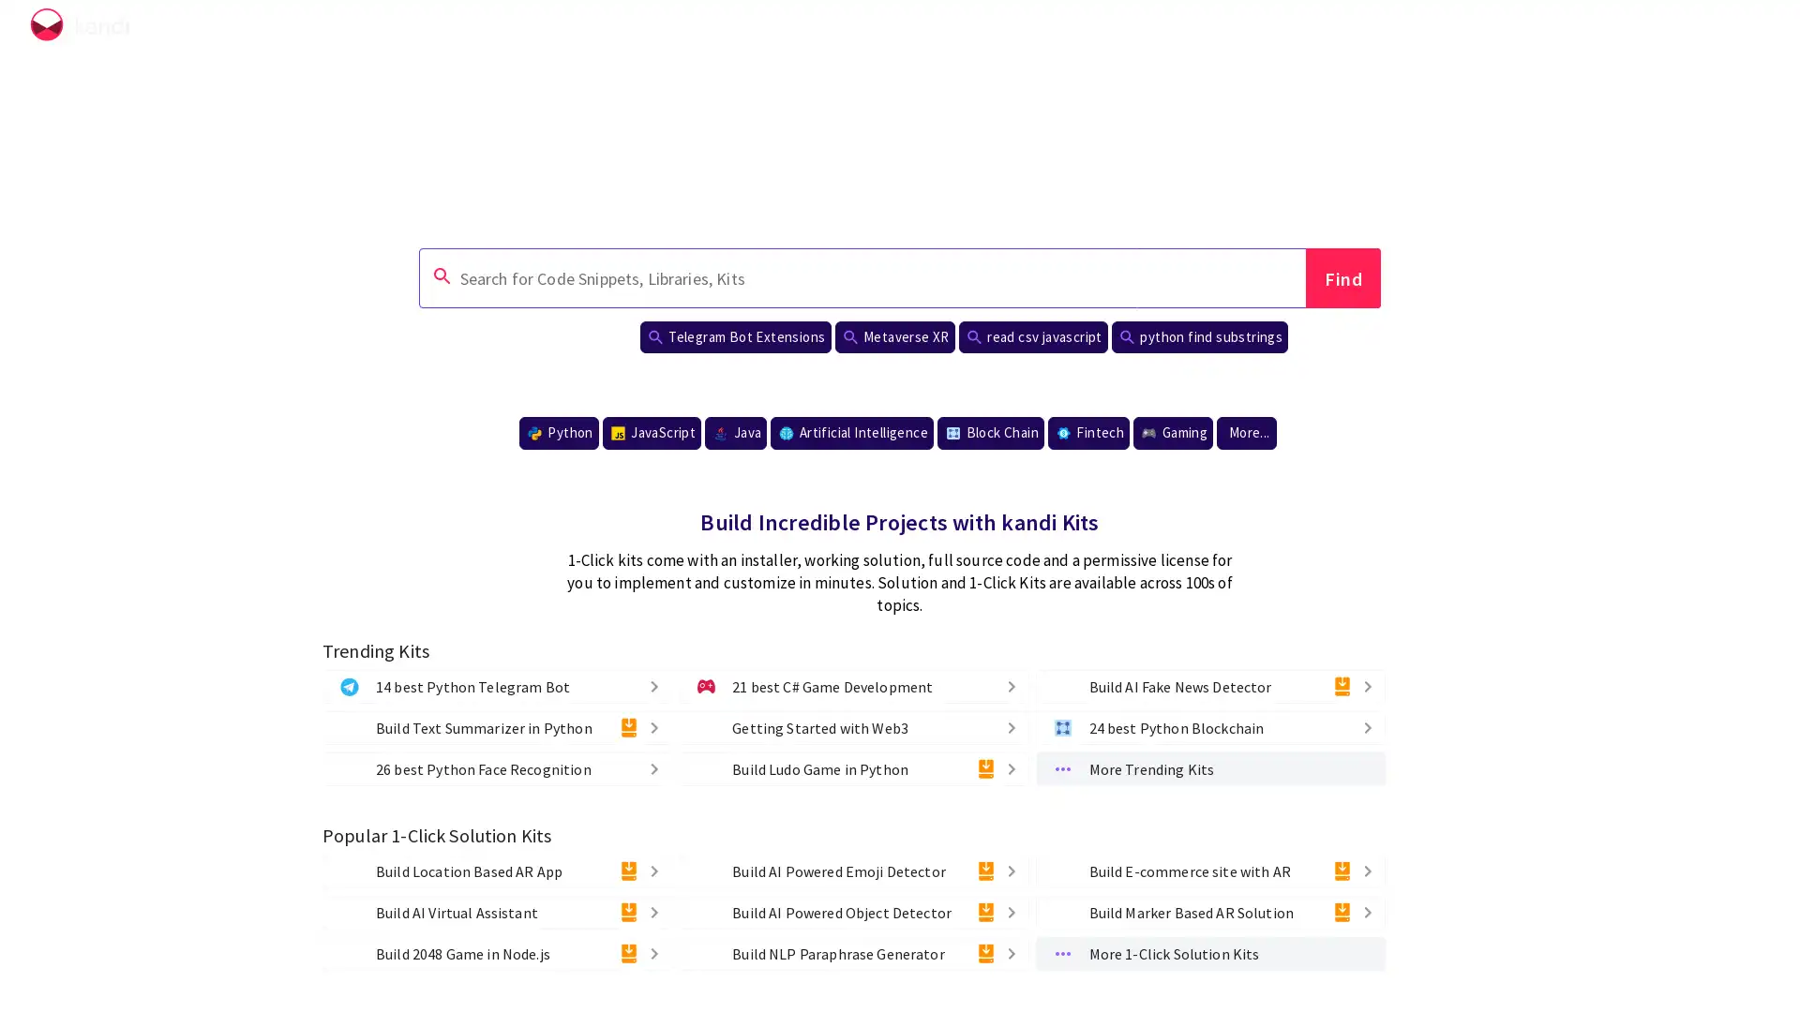  I want to click on delete, so click(1010, 686).